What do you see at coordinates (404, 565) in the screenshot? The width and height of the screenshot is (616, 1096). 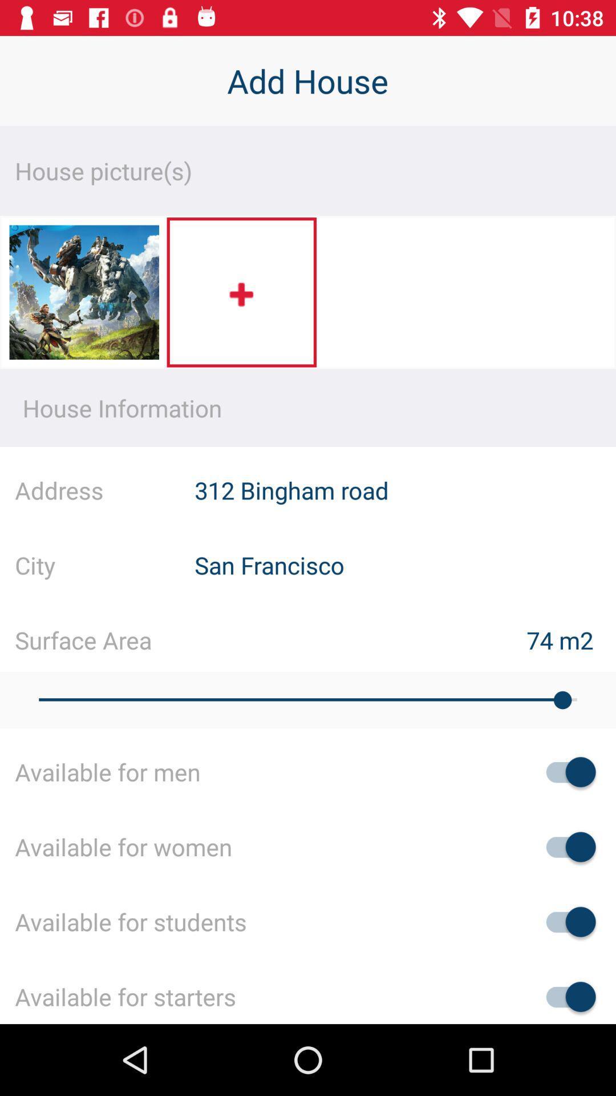 I see `item above 74 m2 item` at bounding box center [404, 565].